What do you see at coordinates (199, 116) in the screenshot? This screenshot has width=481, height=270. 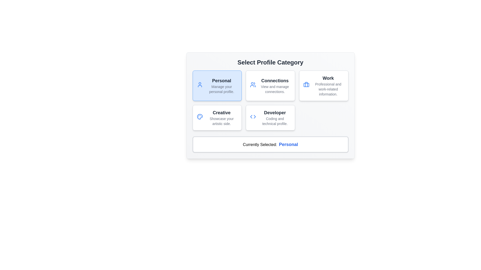 I see `the 'Creative' icon located in the bottom-left corner of the profile category options` at bounding box center [199, 116].